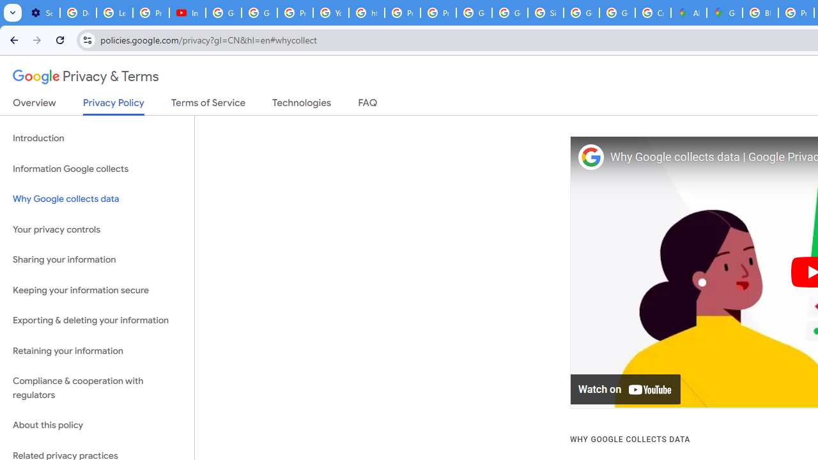 This screenshot has height=460, width=818. Describe the element at coordinates (96, 259) in the screenshot. I see `'Sharing your information'` at that location.